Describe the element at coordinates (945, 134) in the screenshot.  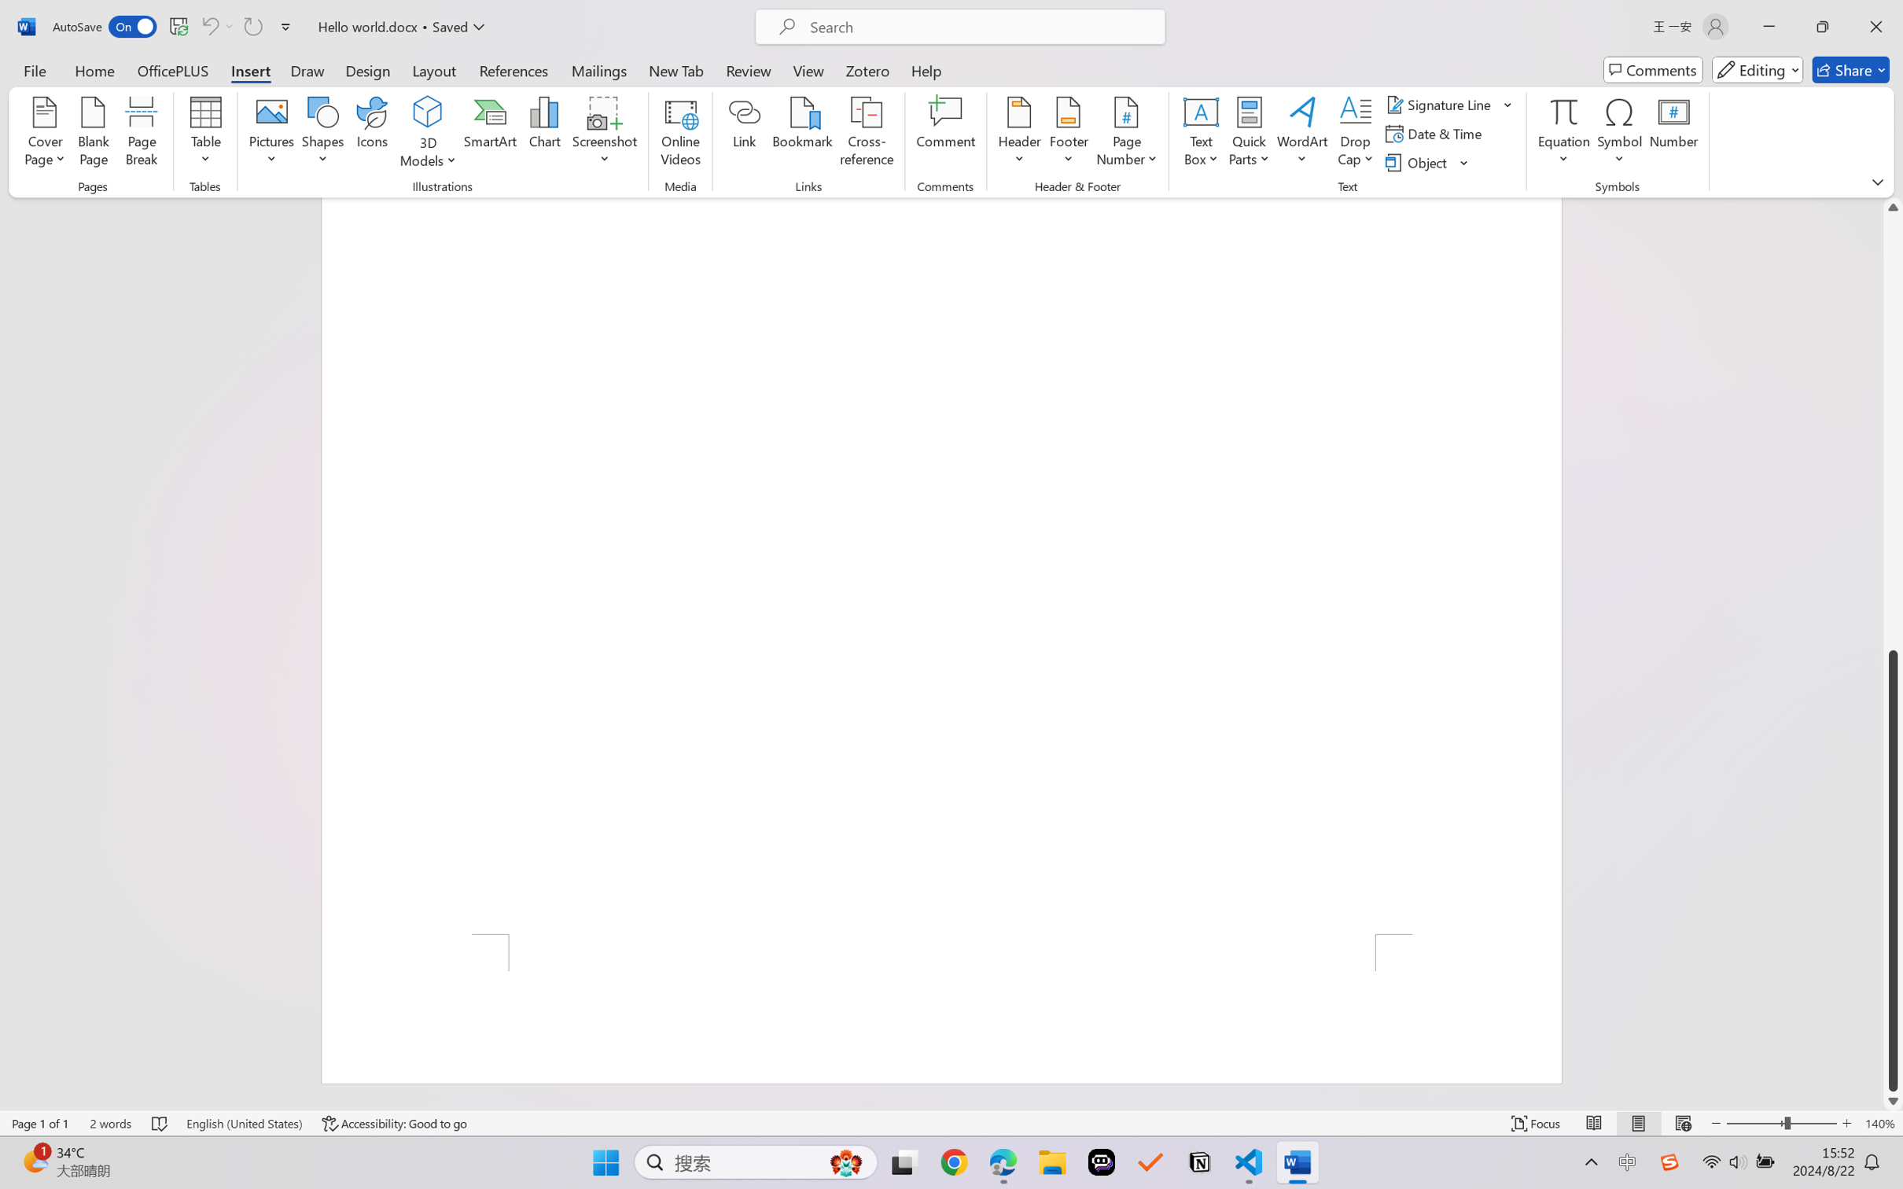
I see `'Comment'` at that location.